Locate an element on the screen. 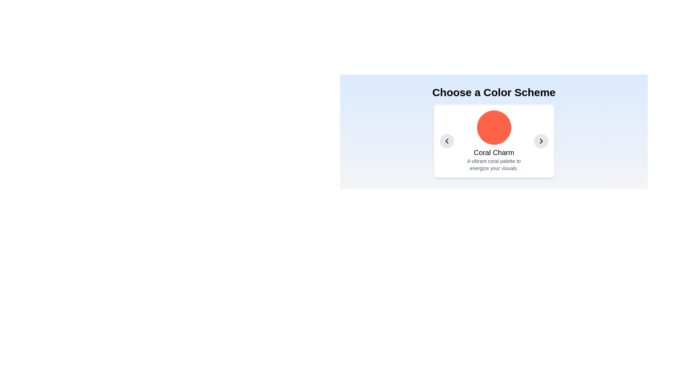 The width and height of the screenshot is (686, 386). the 'Coral Charm' color palette theme card, which is part of a carousel layout and is positioned centrally in the interface is located at coordinates (493, 141).